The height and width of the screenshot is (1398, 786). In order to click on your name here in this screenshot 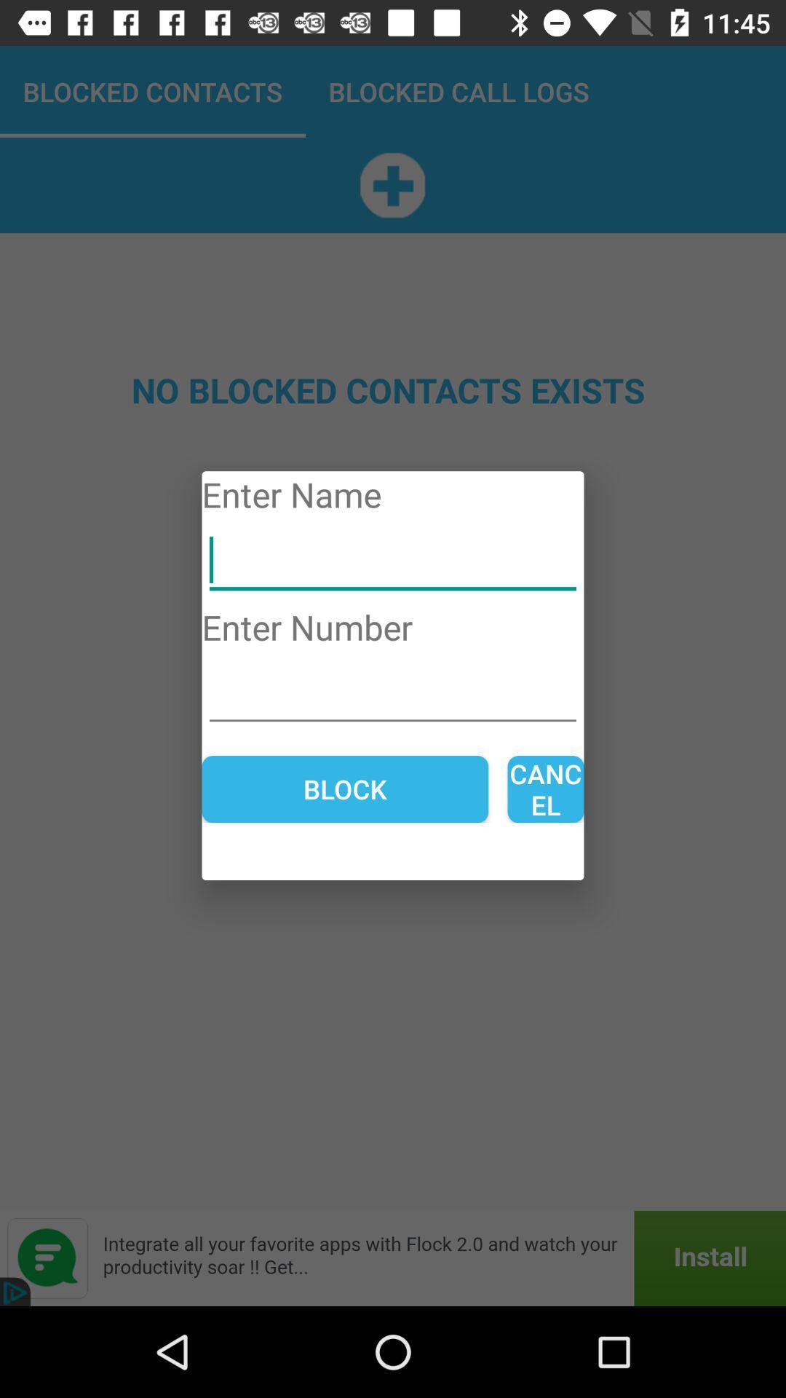, I will do `click(393, 560)`.